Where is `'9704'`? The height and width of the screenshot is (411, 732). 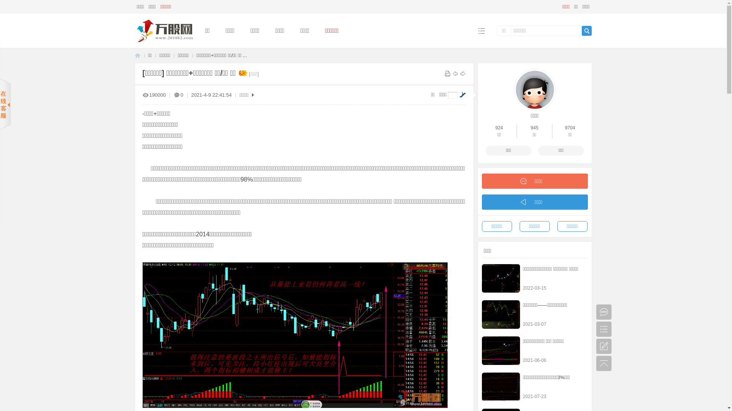
'9704' is located at coordinates (565, 127).